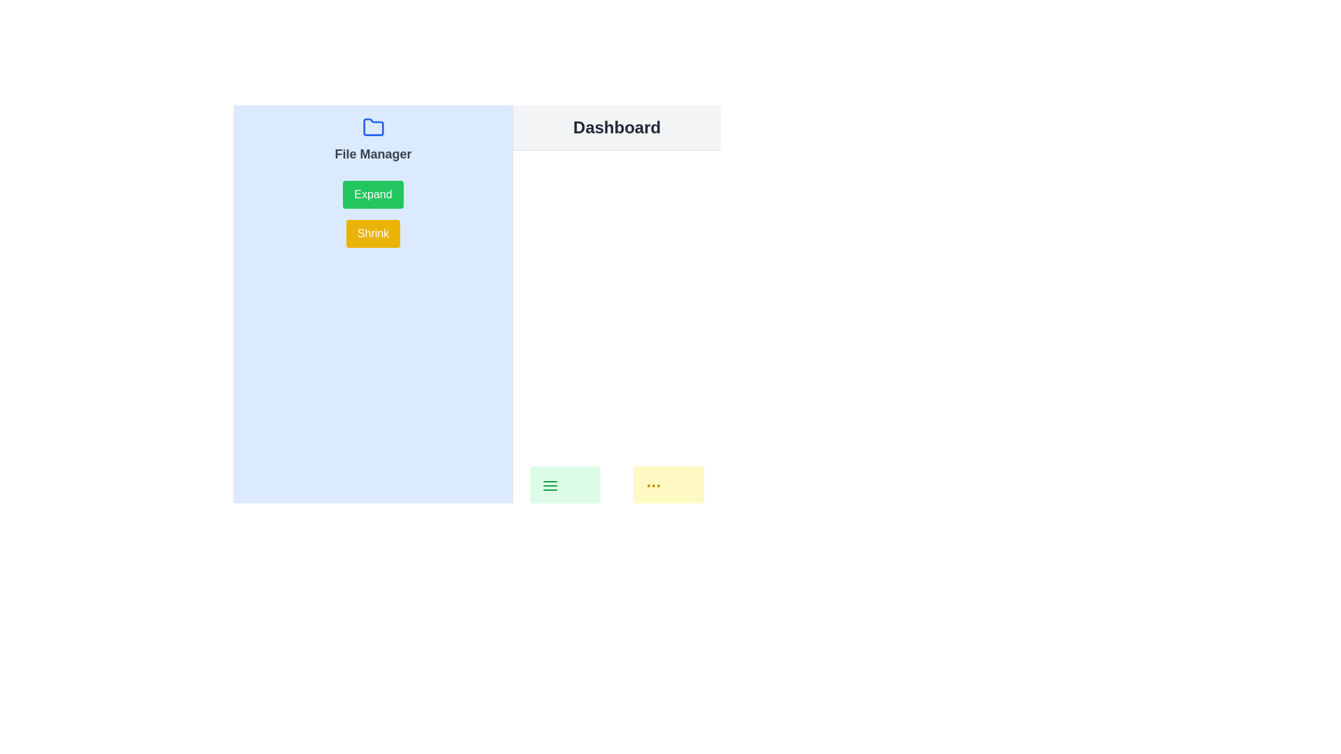 The width and height of the screenshot is (1341, 754). What do you see at coordinates (373, 154) in the screenshot?
I see `the text label that serves as a title for the file management section, positioned between a folder icon above and 'Expand' and 'Shrink' buttons below` at bounding box center [373, 154].